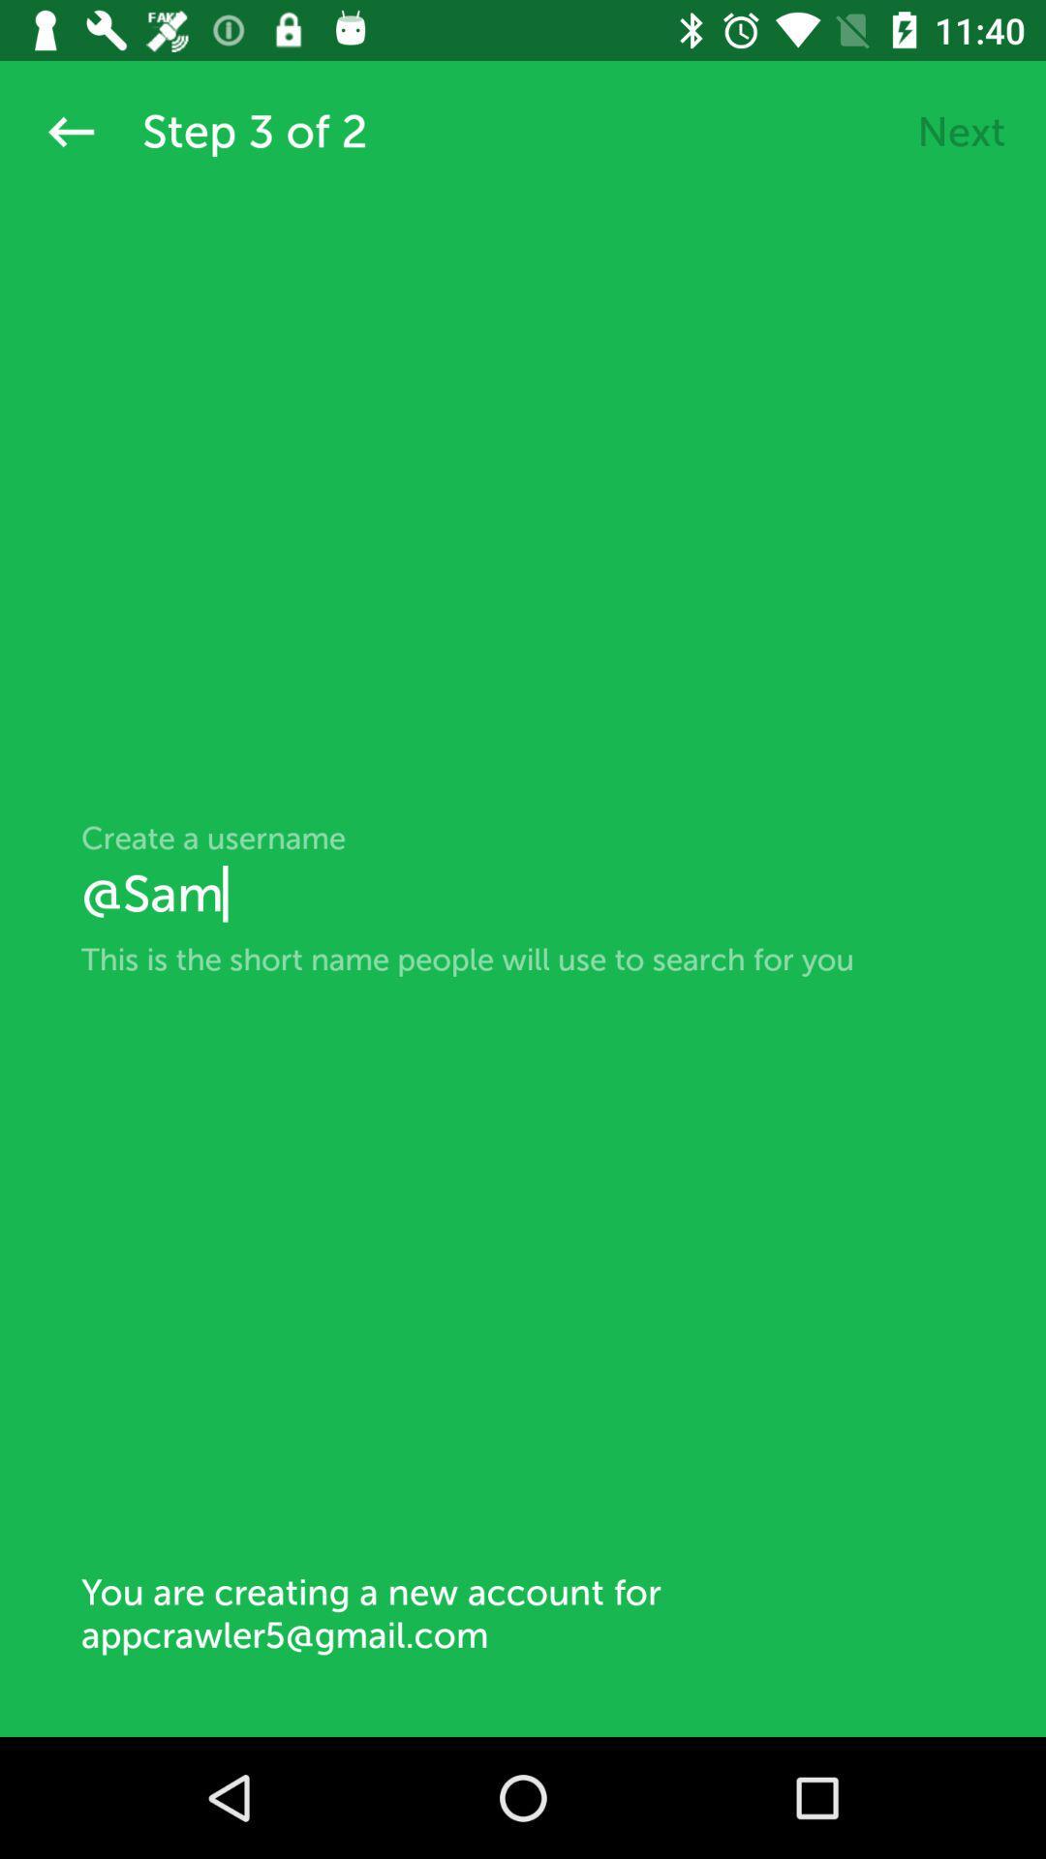  Describe the element at coordinates (70, 131) in the screenshot. I see `the arrow_backward icon` at that location.